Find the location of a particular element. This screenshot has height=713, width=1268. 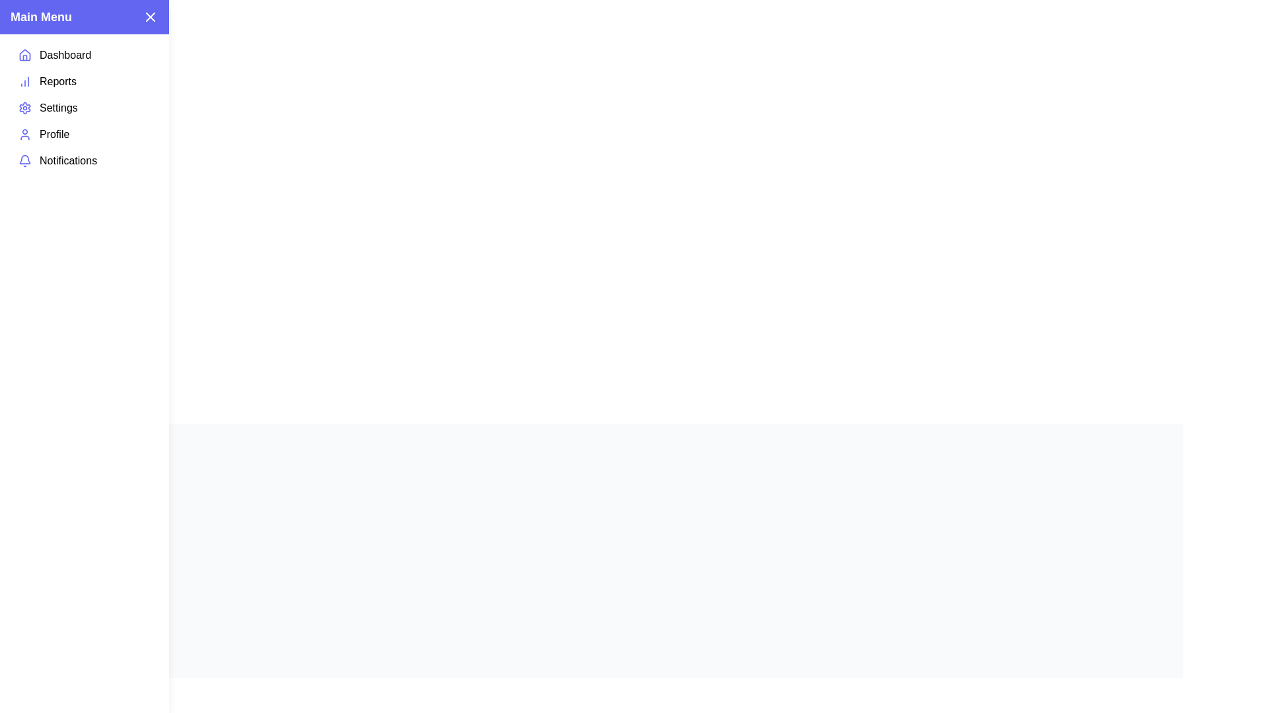

the 'Settings' menu item, which is the third item is located at coordinates (84, 108).